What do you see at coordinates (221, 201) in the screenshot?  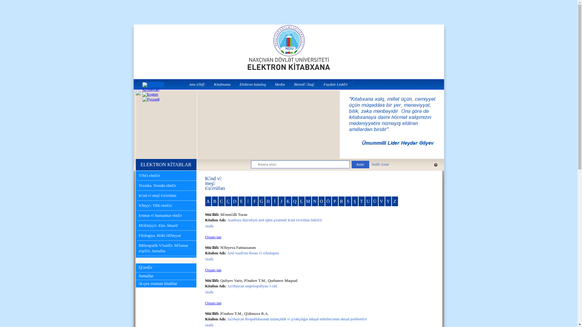 I see `'C'` at bounding box center [221, 201].